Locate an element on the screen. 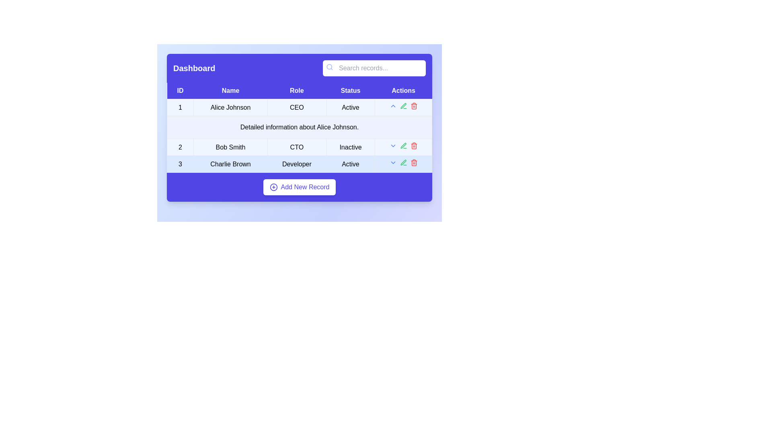 The image size is (772, 434). the green pencil-like icon is located at coordinates (403, 145).